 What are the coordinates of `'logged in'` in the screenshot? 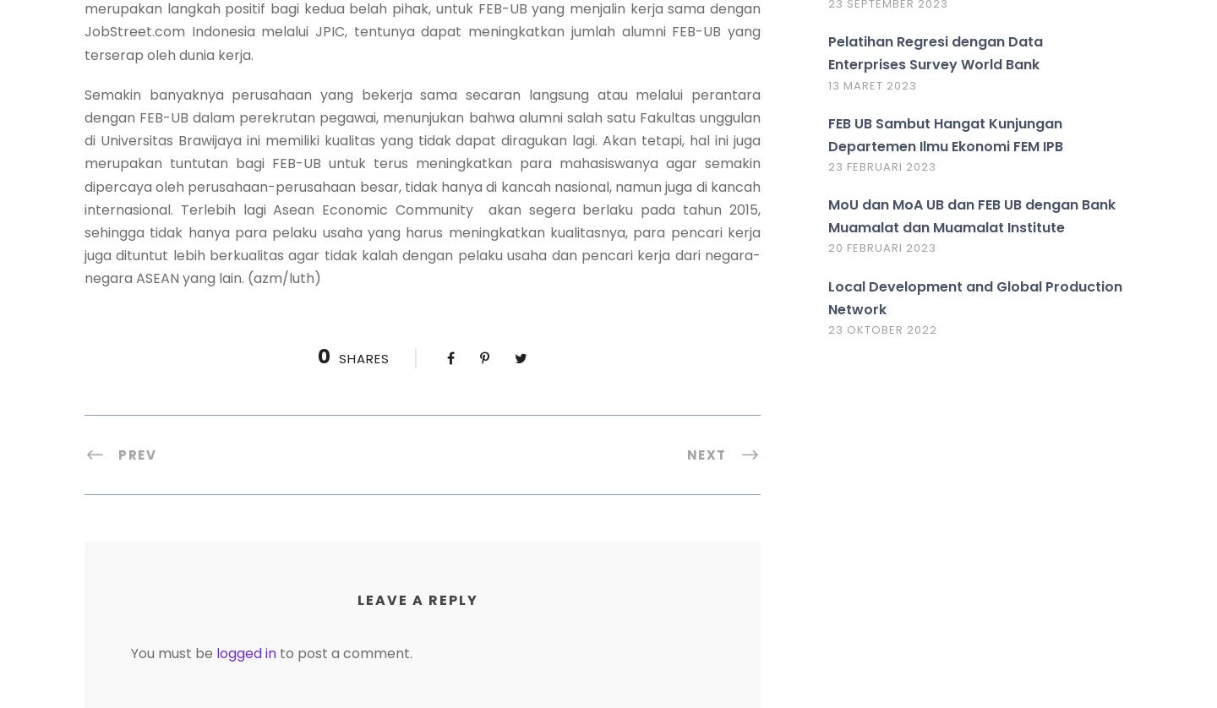 It's located at (216, 651).